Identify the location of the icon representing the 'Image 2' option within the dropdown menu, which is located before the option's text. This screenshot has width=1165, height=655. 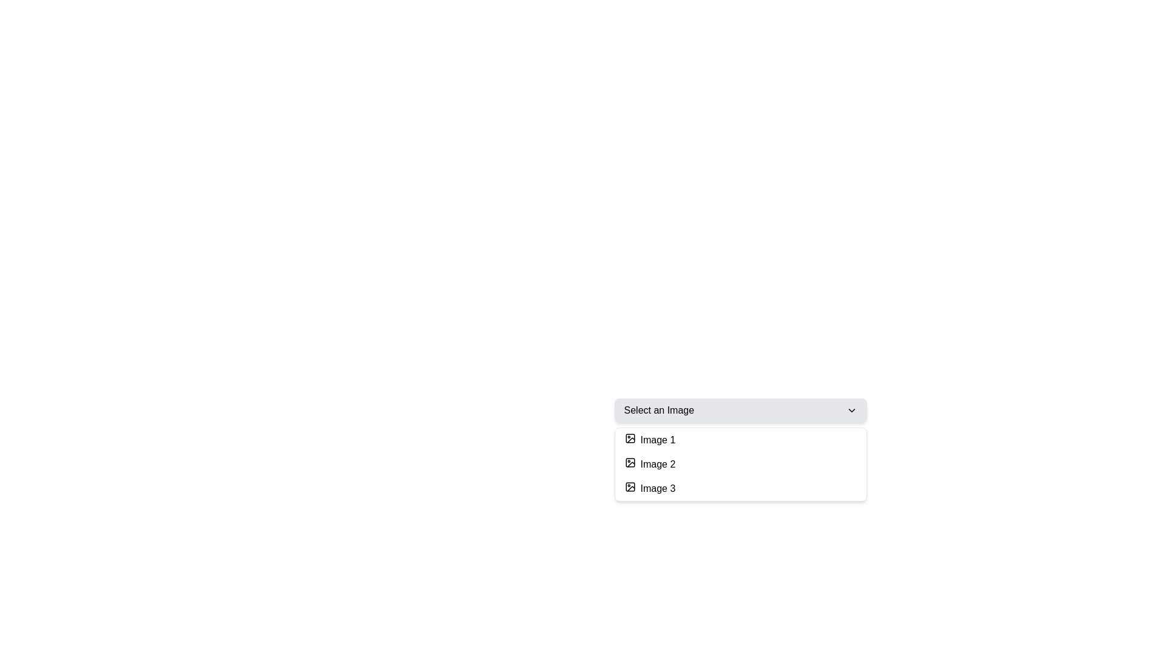
(630, 463).